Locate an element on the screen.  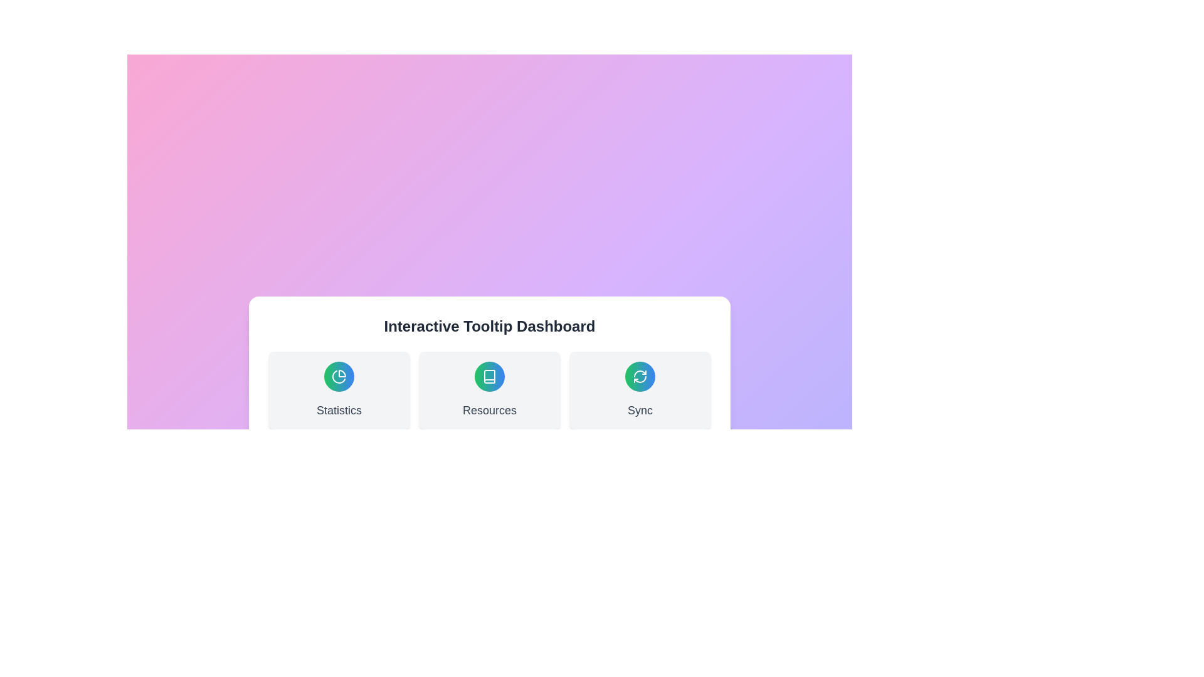
the circular Icon button with a gradient background and a white pie chart icon, located in the center of the 'Statistics' card in the 'Interactive Tooltip Dashboard' is located at coordinates (339, 376).